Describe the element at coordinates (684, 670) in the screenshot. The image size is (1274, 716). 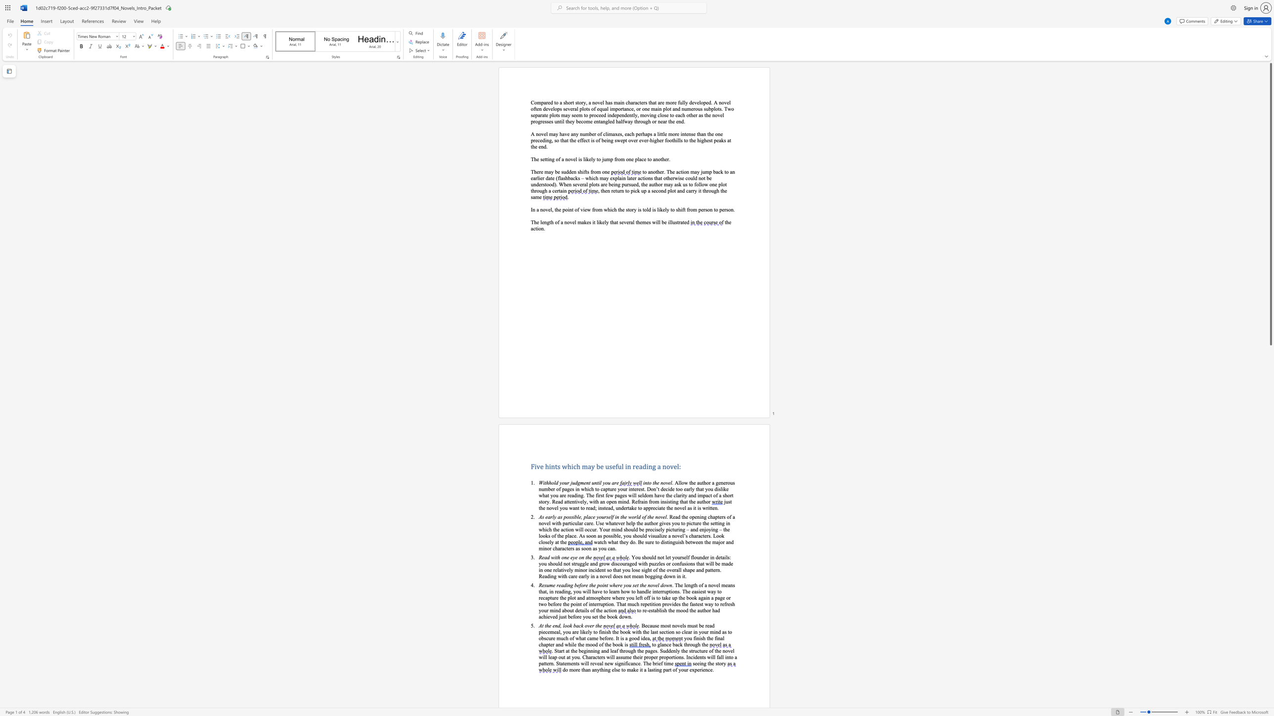
I see `the 1th character "u" in the text` at that location.